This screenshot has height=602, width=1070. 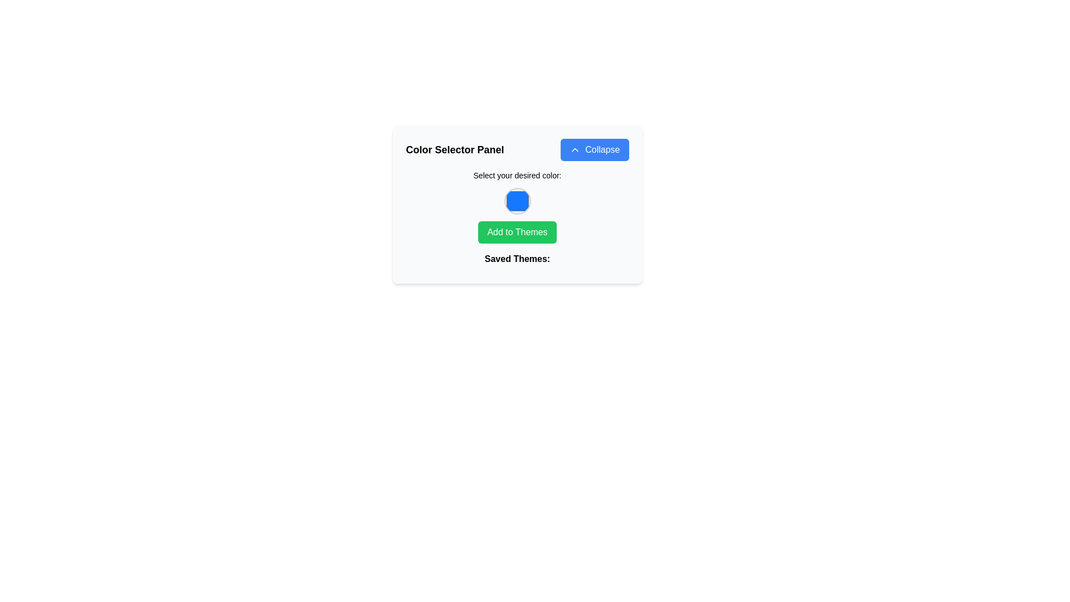 What do you see at coordinates (517, 231) in the screenshot?
I see `the button that adds the currently selected color to a list of themes, which is positioned below the circular color indicator and the text label 'Select your desired color:'` at bounding box center [517, 231].